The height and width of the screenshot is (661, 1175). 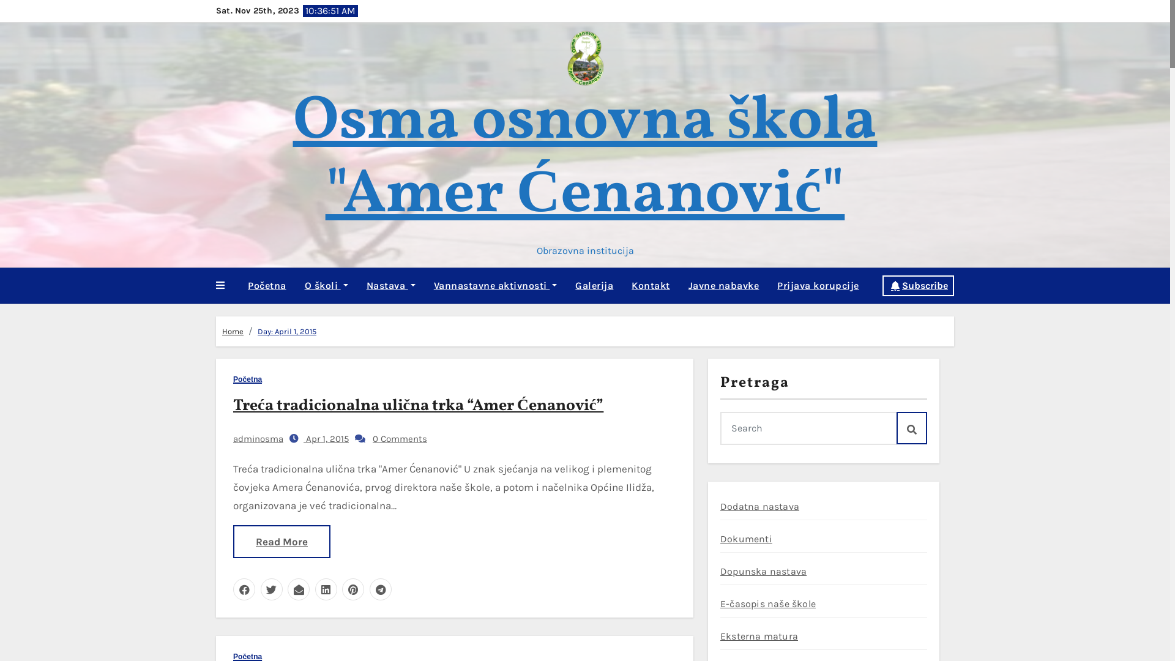 What do you see at coordinates (763, 571) in the screenshot?
I see `'Dopunska nastava'` at bounding box center [763, 571].